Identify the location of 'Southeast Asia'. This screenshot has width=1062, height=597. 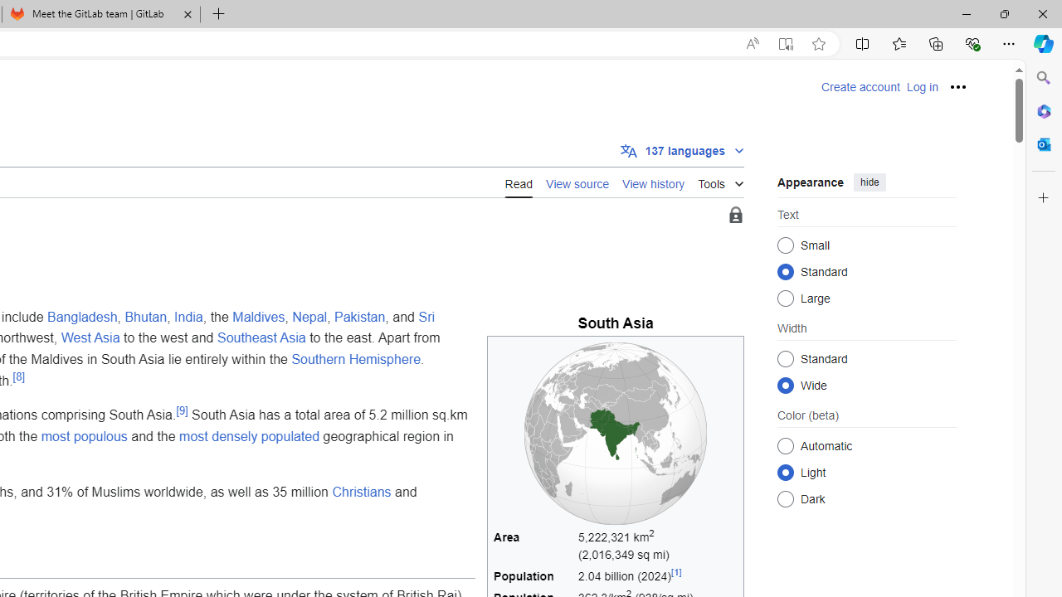
(260, 337).